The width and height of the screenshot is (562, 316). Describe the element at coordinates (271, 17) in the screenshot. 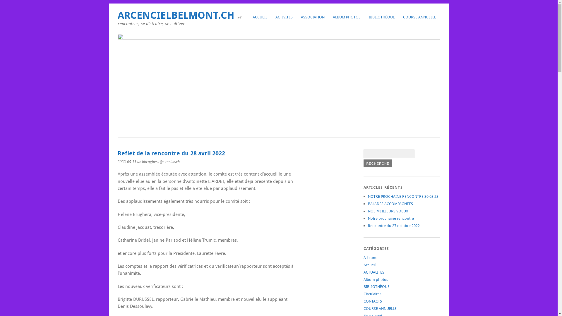

I see `'ACTIVITES'` at that location.